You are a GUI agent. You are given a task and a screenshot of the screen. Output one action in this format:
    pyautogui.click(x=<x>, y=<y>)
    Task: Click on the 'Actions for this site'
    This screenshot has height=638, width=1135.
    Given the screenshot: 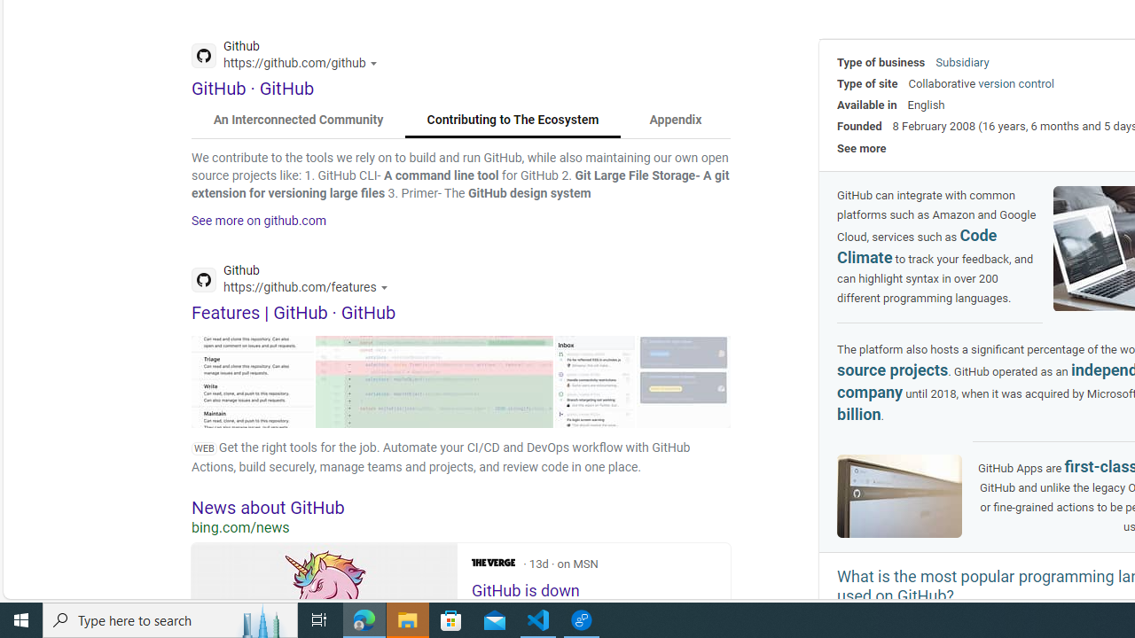 What is the action you would take?
    pyautogui.click(x=385, y=287)
    